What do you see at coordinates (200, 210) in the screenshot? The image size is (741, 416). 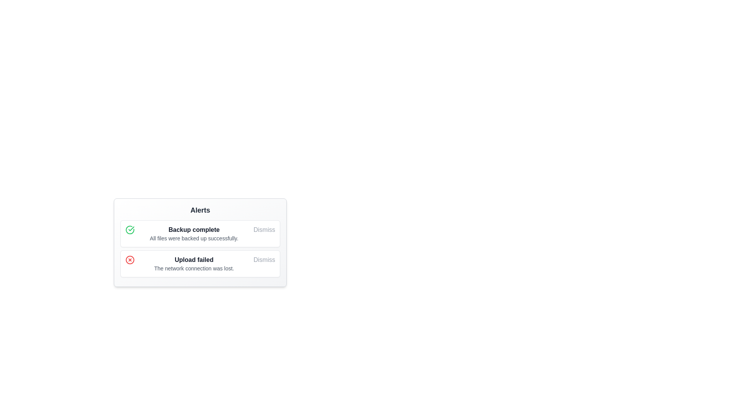 I see `bold text label displaying 'Alerts' which is styled in dark gray and positioned above the list of alerts` at bounding box center [200, 210].